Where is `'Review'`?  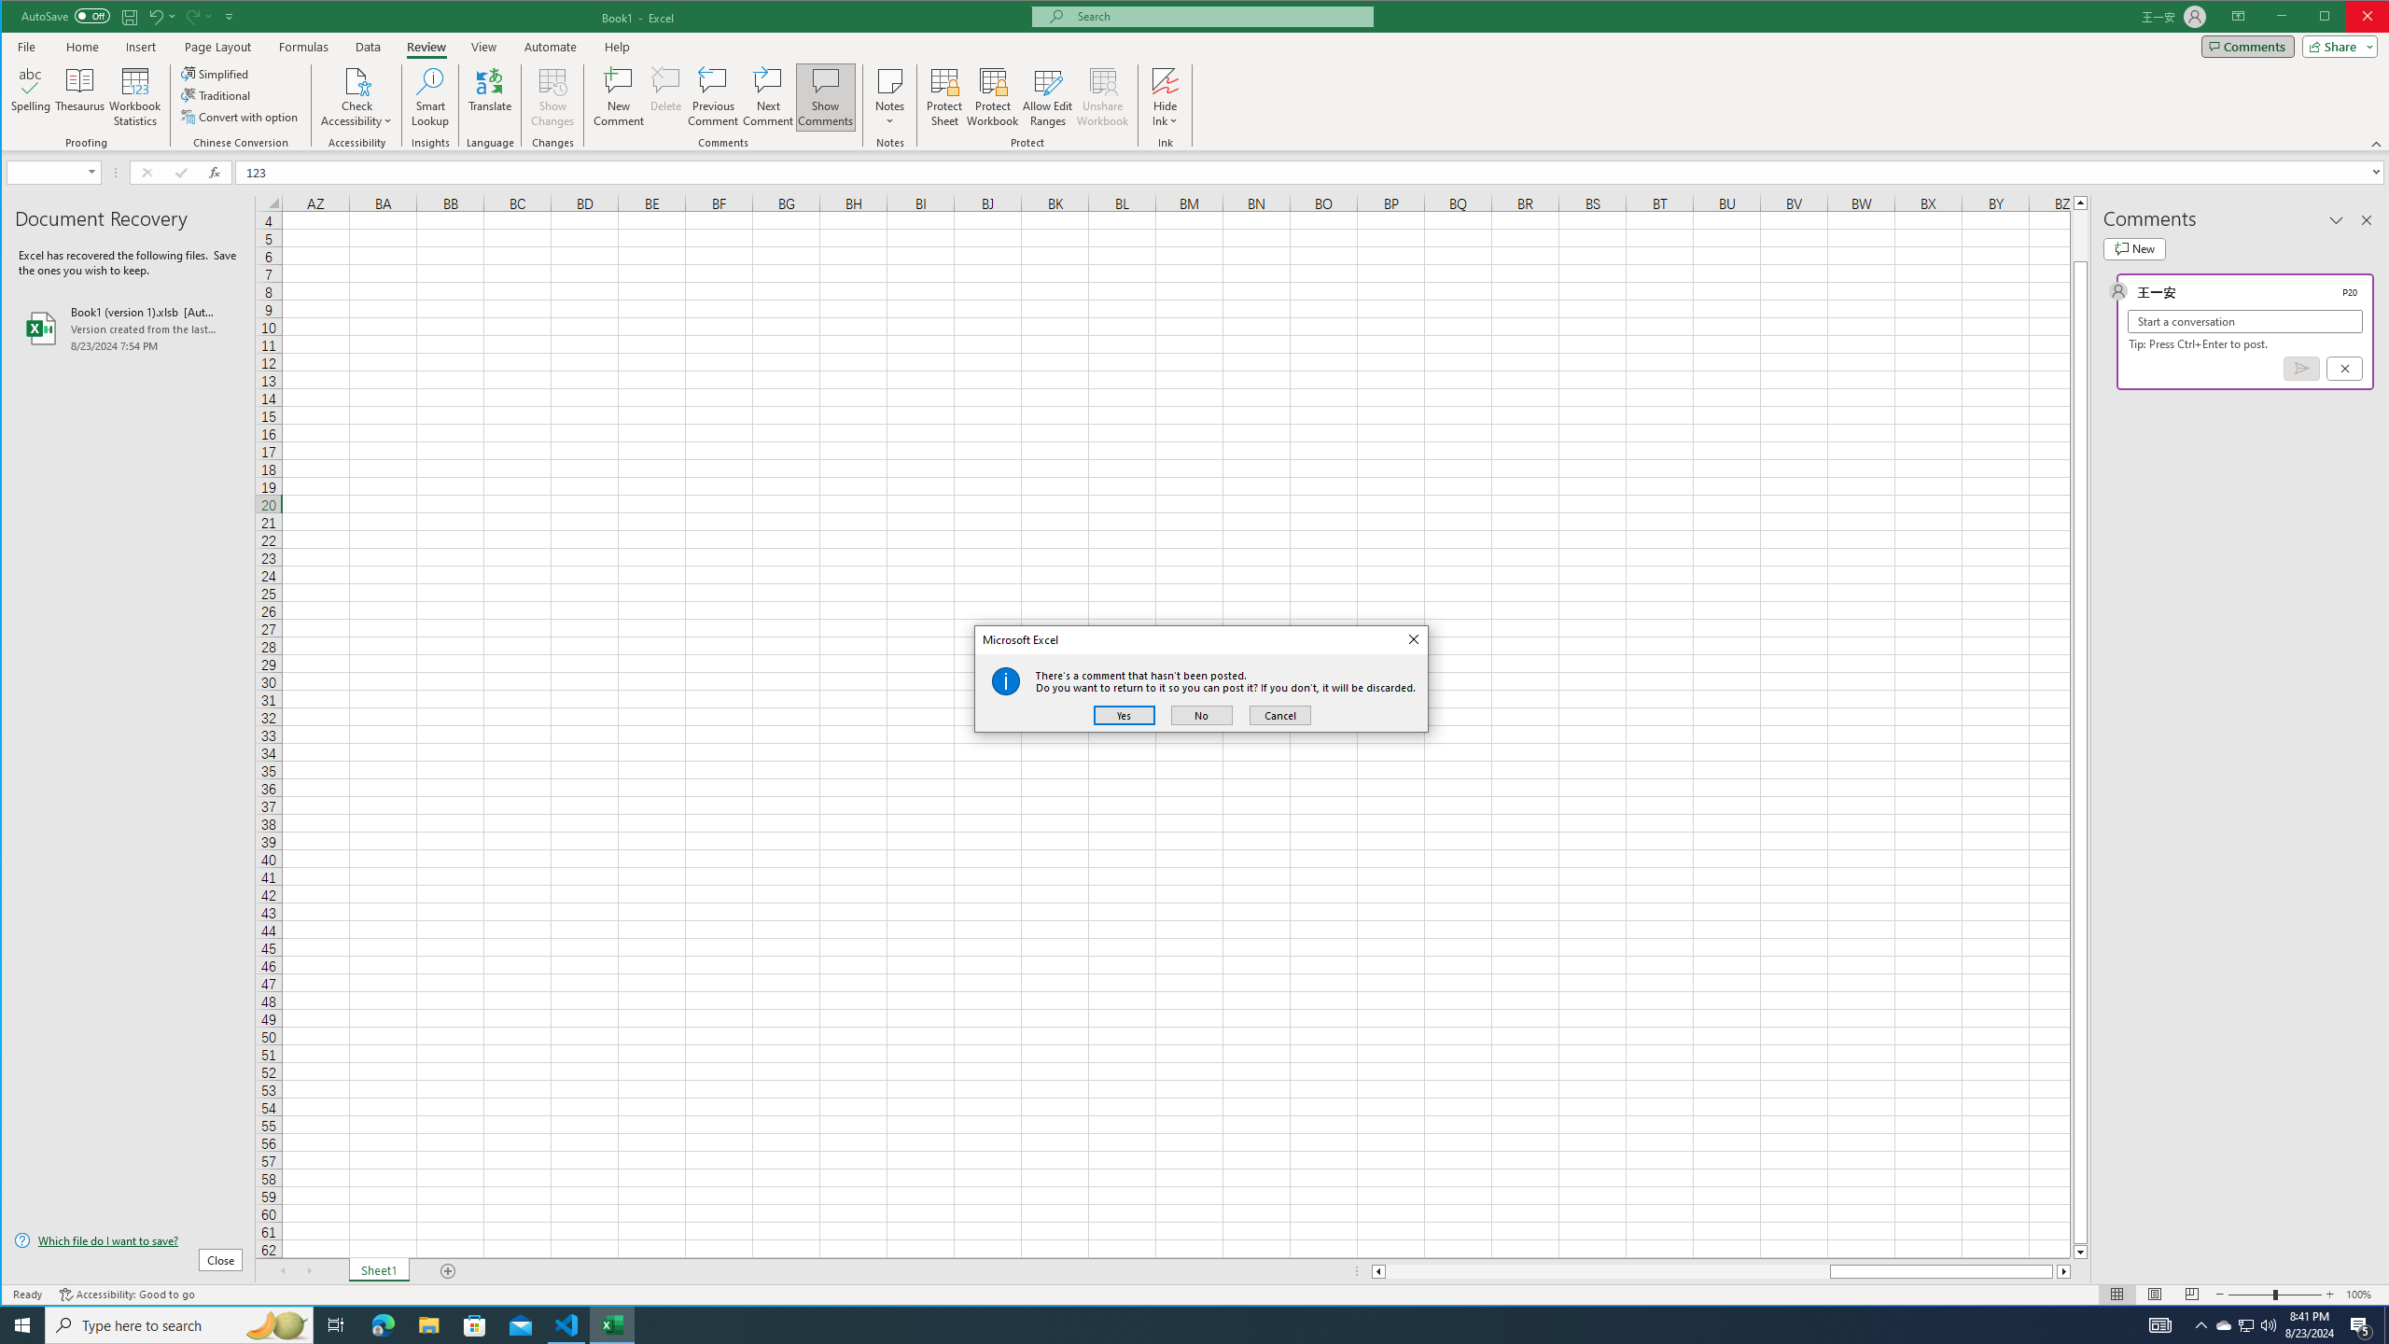
'Review' is located at coordinates (426, 46).